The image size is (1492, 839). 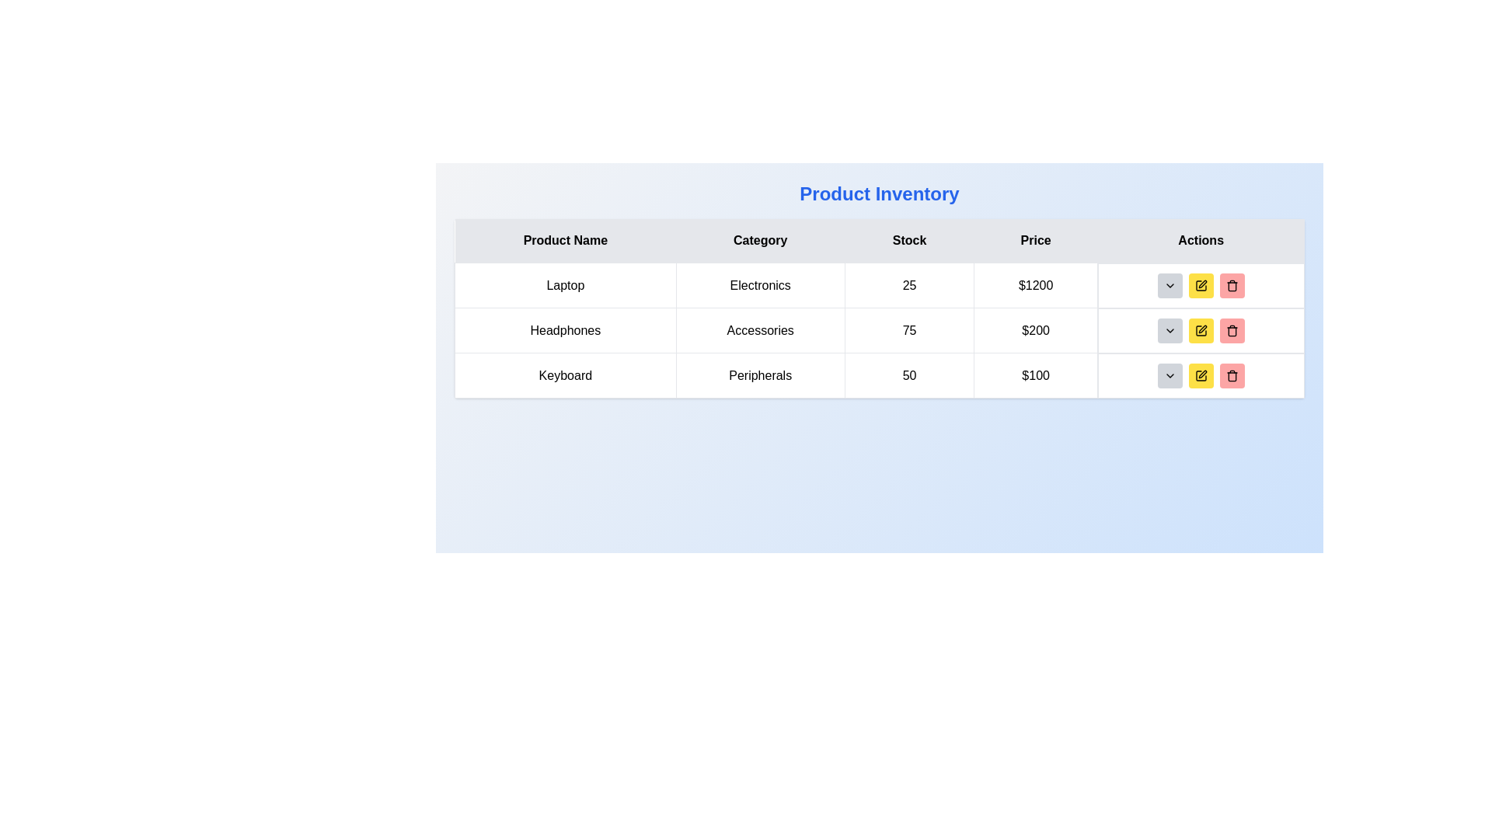 What do you see at coordinates (1200, 329) in the screenshot?
I see `the Icon button in the Actions column of the second row of the table for keyboard navigation` at bounding box center [1200, 329].